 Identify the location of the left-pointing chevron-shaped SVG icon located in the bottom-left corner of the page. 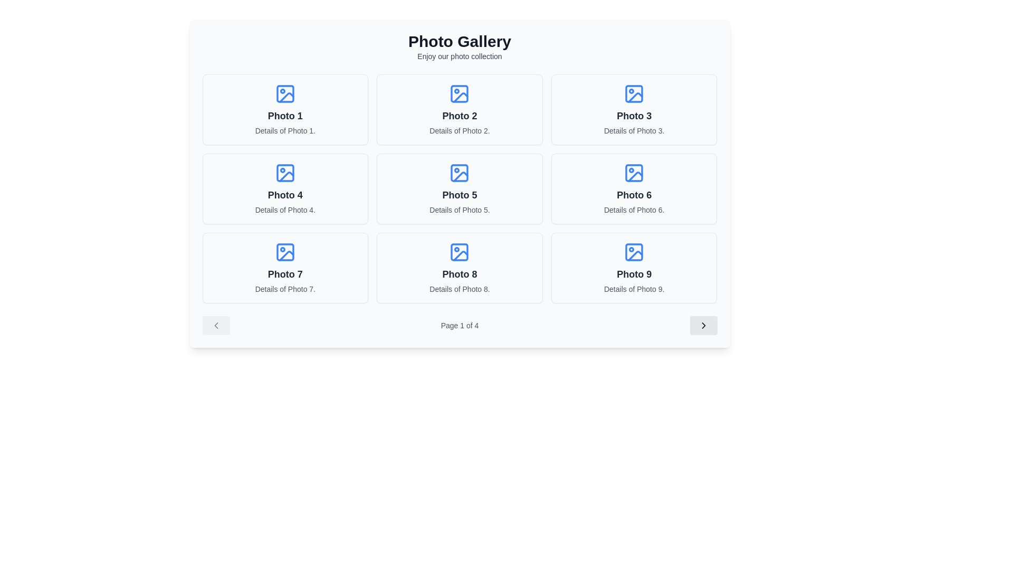
(215, 325).